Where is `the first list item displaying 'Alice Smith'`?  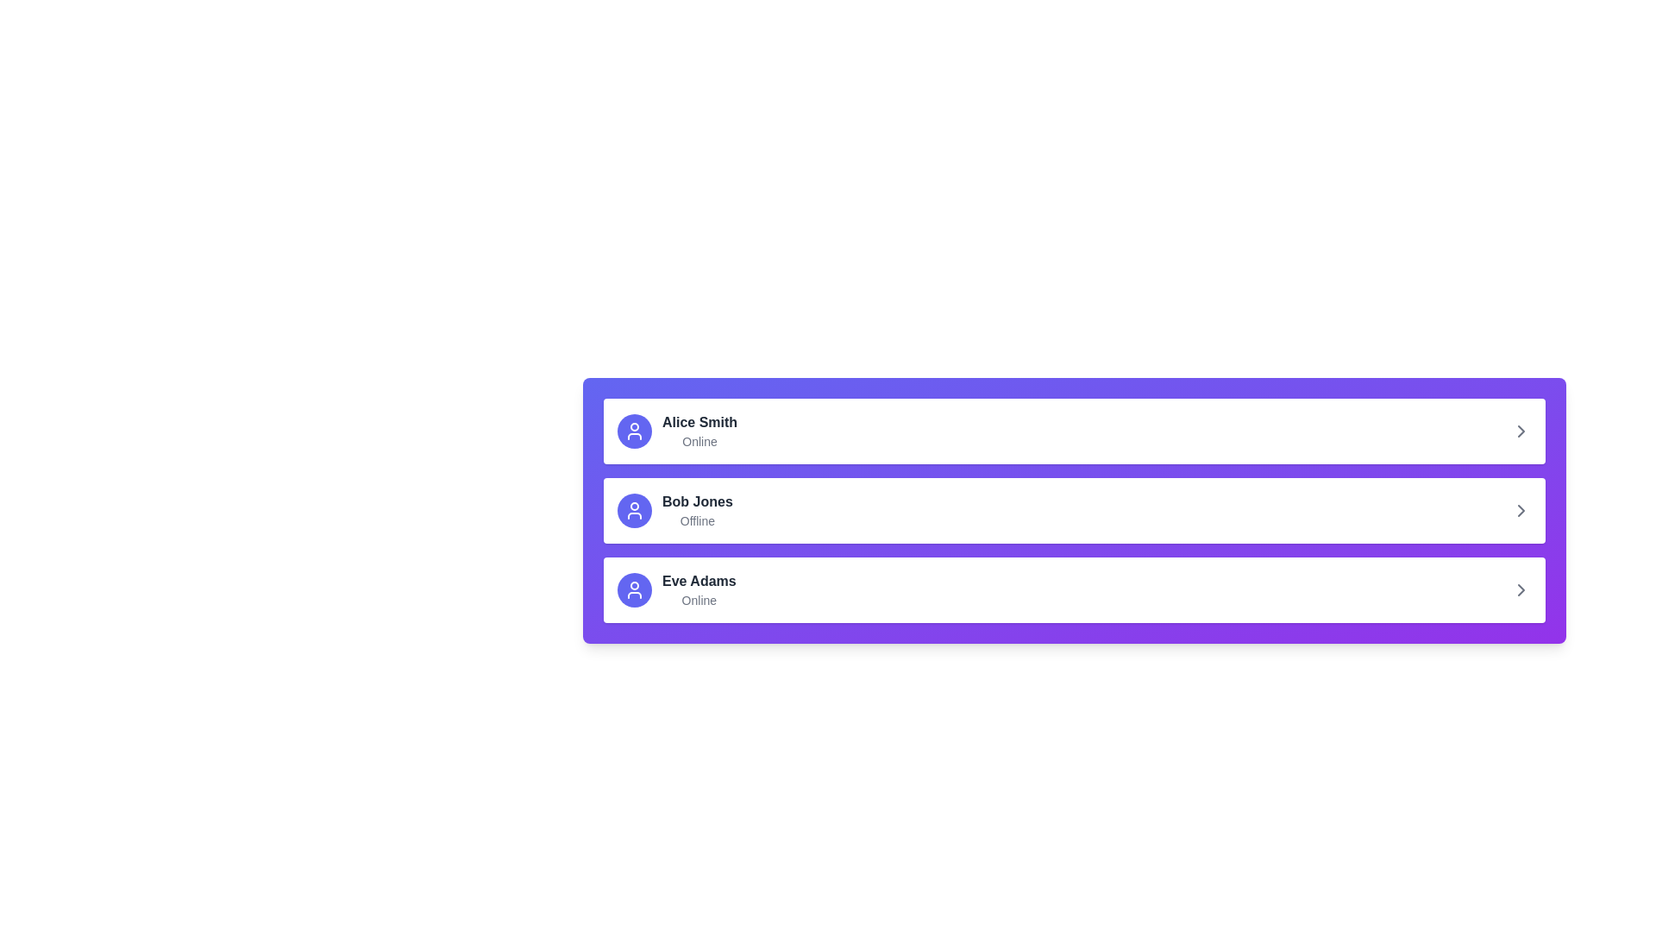 the first list item displaying 'Alice Smith' is located at coordinates (1074, 431).